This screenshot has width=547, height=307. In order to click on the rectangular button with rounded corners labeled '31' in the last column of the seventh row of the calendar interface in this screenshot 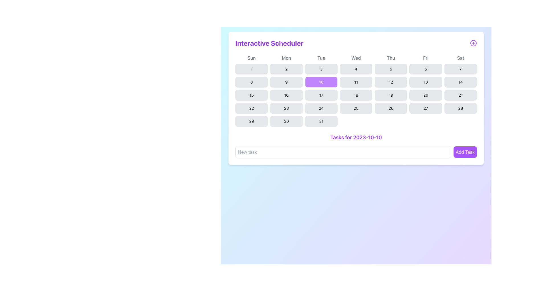, I will do `click(321, 121)`.